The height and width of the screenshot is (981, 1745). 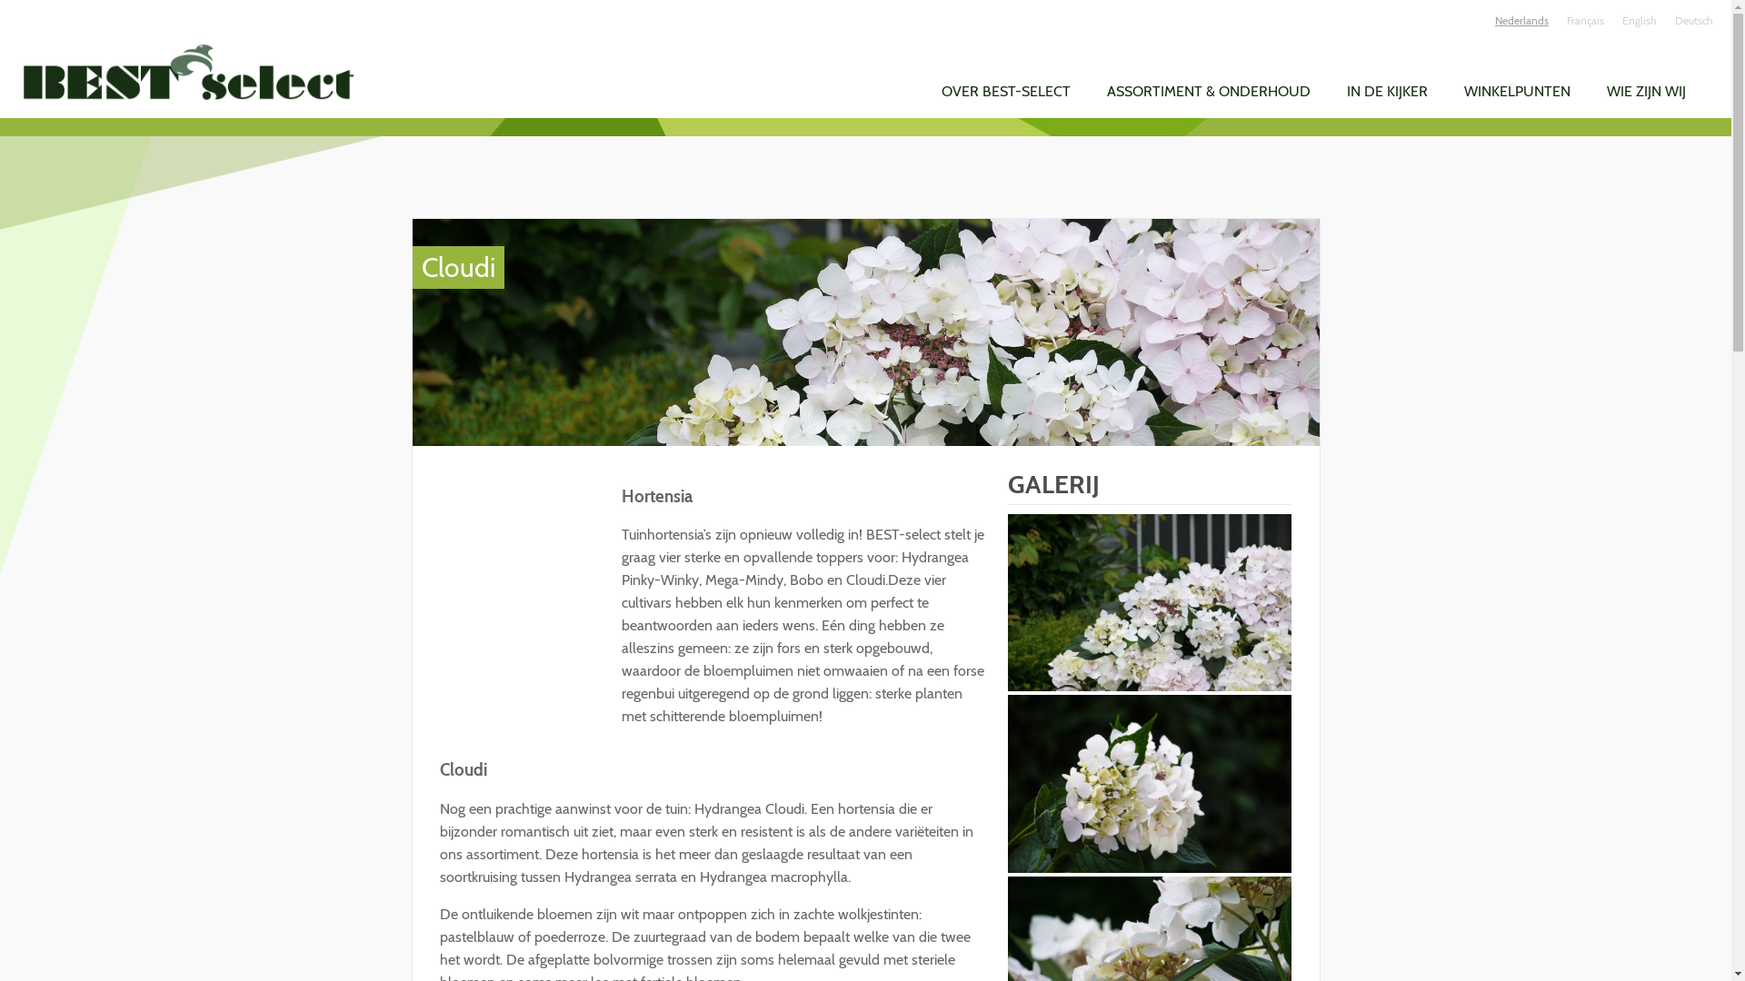 What do you see at coordinates (1005, 91) in the screenshot?
I see `'OVER BEST-SELECT'` at bounding box center [1005, 91].